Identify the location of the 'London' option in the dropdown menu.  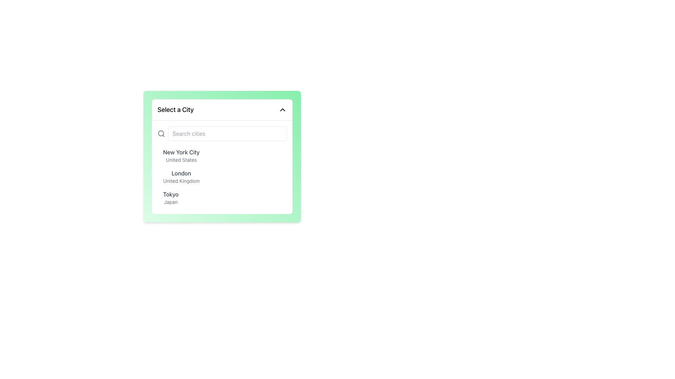
(181, 173).